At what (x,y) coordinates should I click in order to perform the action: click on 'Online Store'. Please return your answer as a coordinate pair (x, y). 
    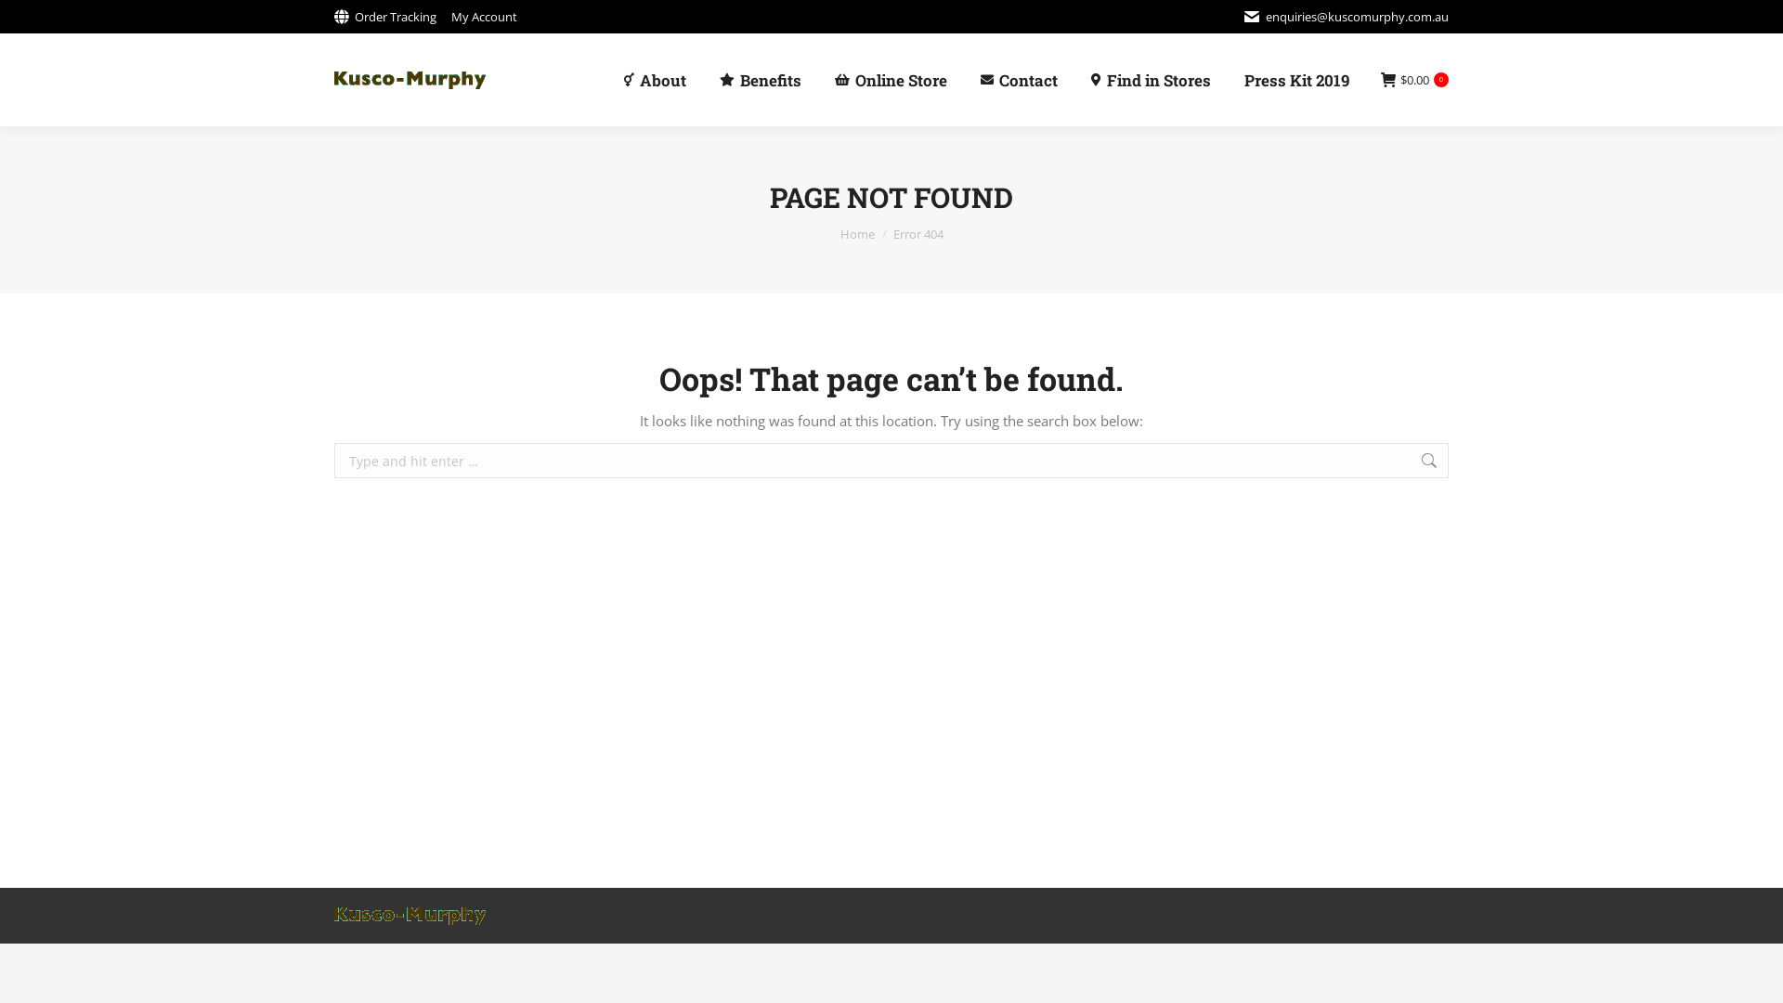
    Looking at the image, I should click on (890, 78).